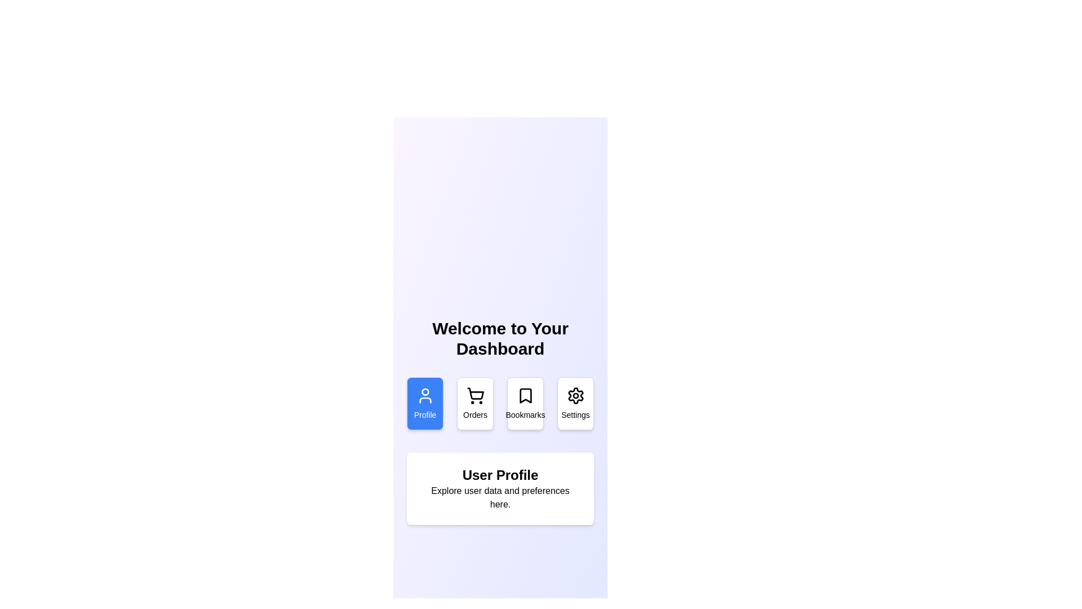  Describe the element at coordinates (575, 403) in the screenshot. I see `the 'Settings' button, which is the rightmost button in a horizontal row` at that location.